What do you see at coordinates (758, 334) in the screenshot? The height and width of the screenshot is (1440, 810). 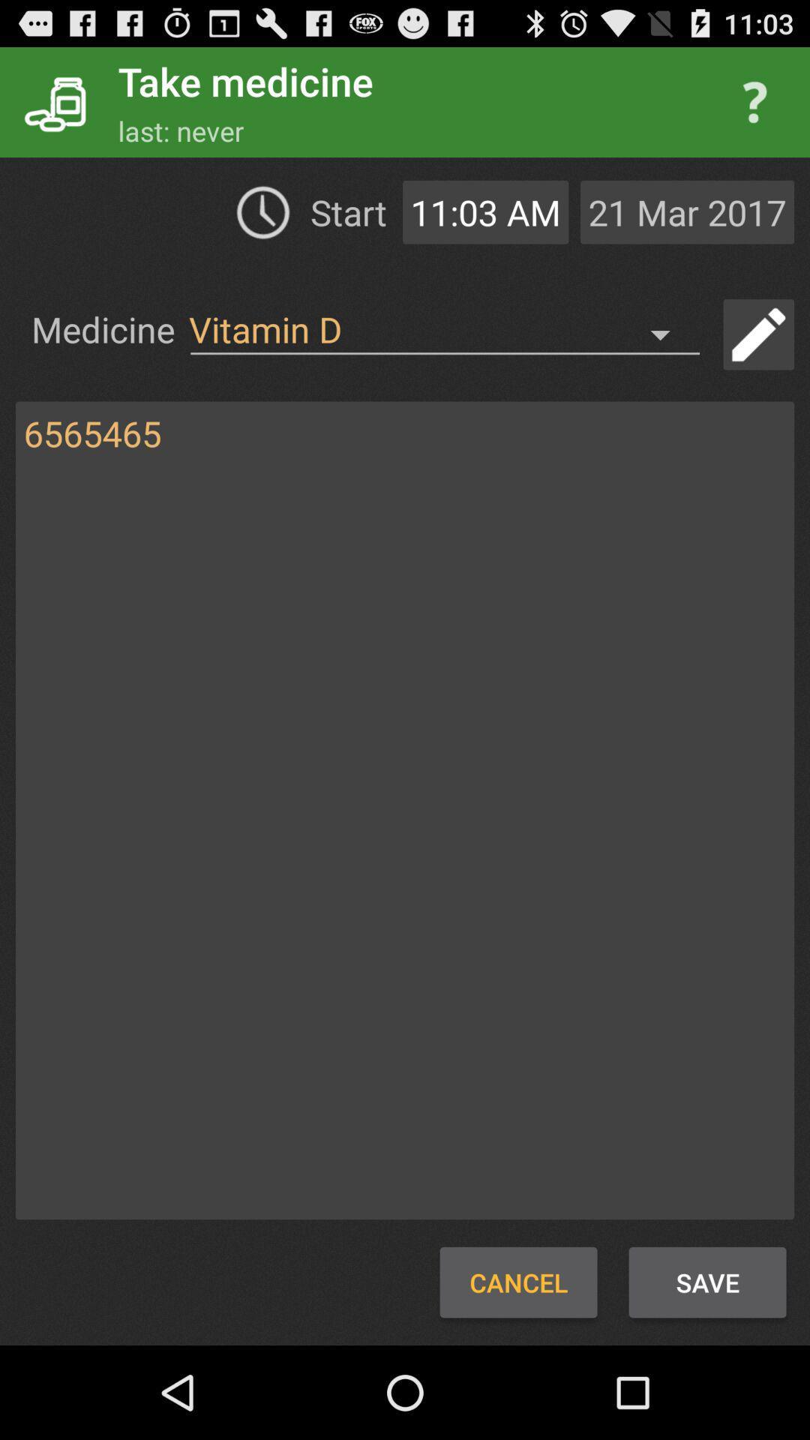 I see `edit button` at bounding box center [758, 334].